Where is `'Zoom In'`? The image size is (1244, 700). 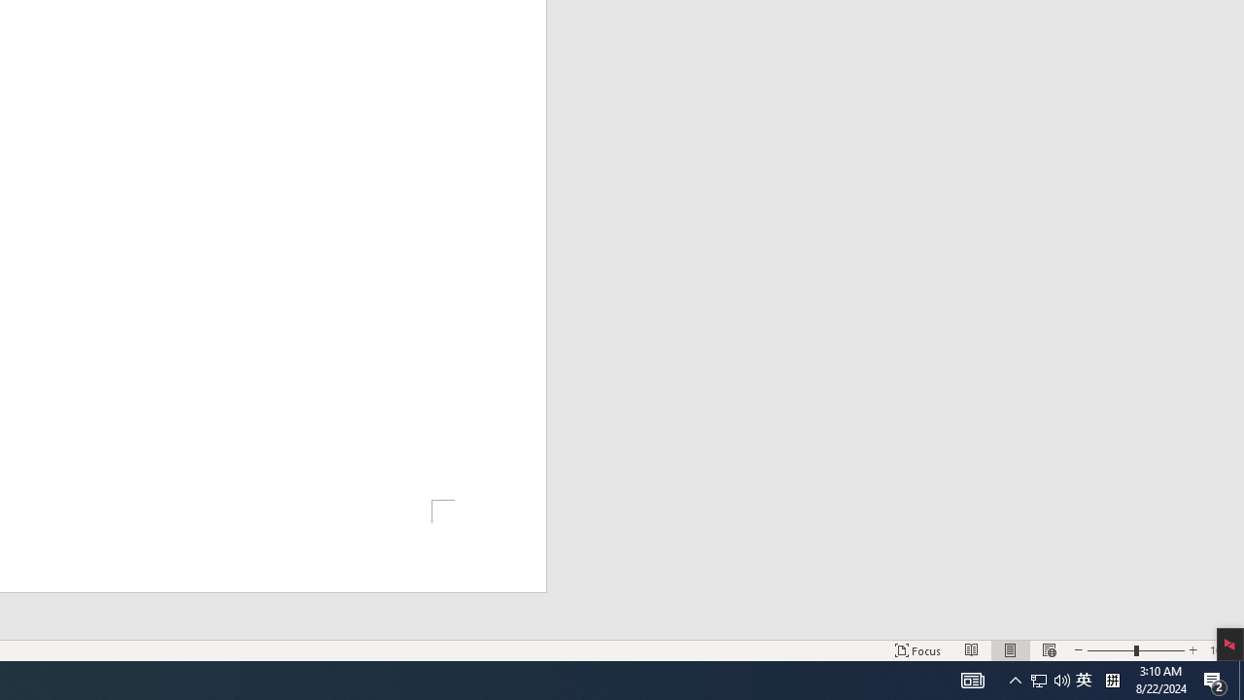
'Zoom In' is located at coordinates (1192, 650).